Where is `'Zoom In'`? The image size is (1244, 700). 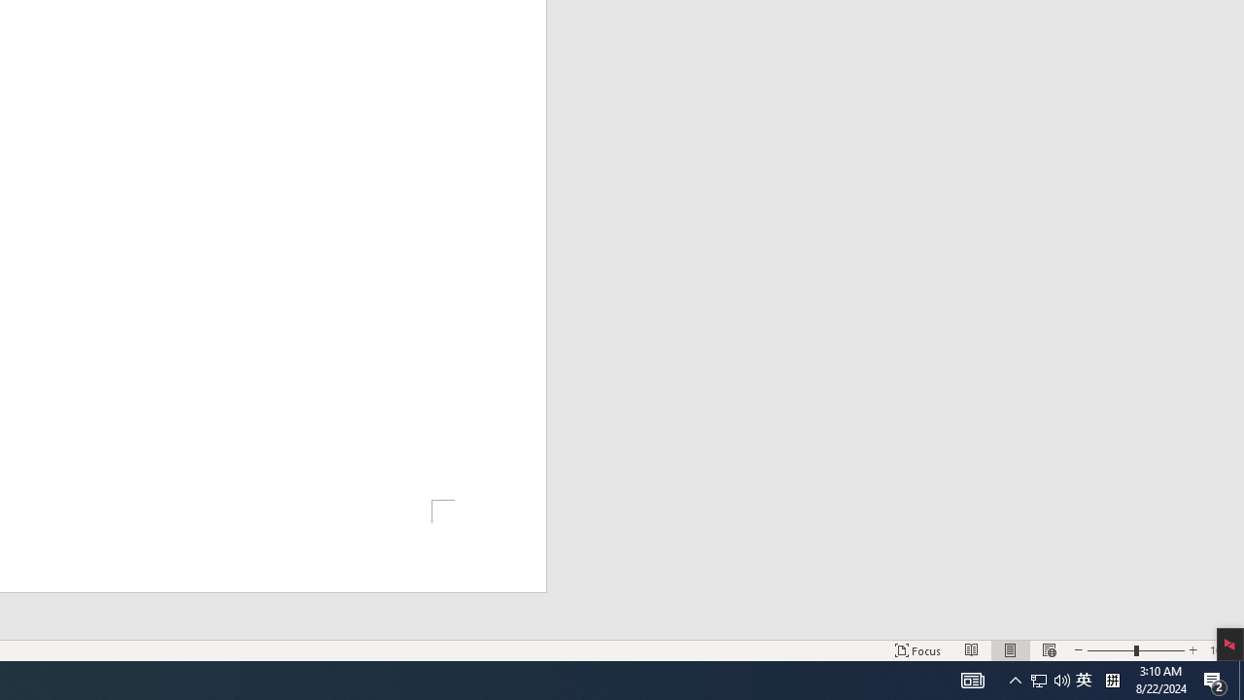
'Zoom In' is located at coordinates (1192, 650).